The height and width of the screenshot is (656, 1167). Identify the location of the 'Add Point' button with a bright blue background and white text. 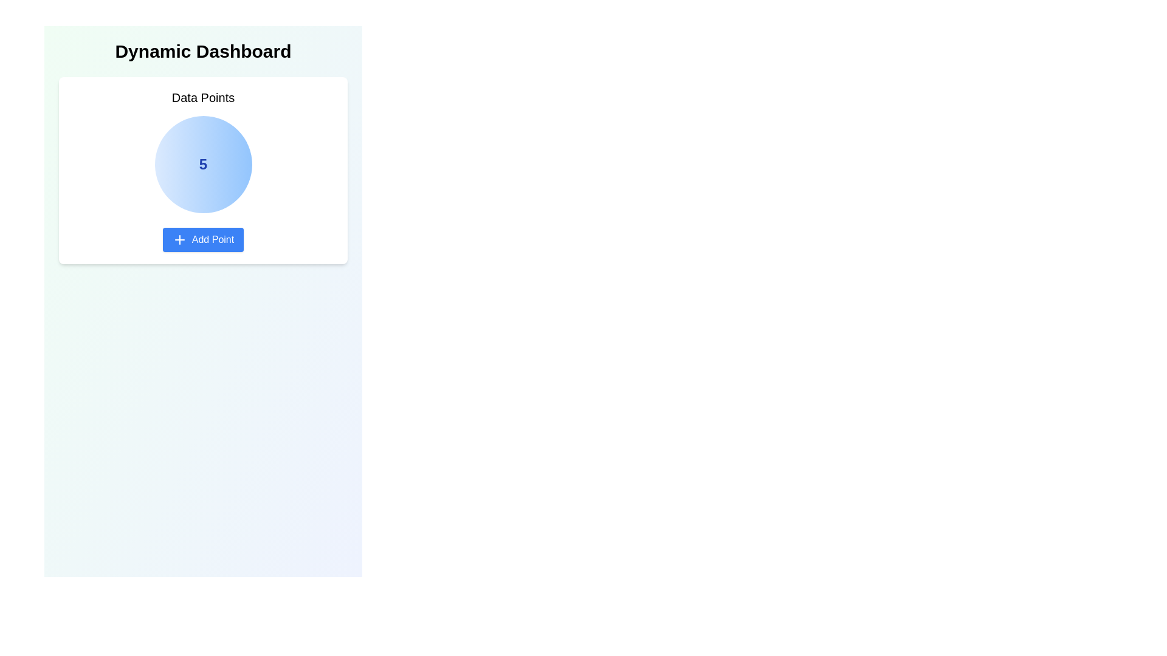
(203, 239).